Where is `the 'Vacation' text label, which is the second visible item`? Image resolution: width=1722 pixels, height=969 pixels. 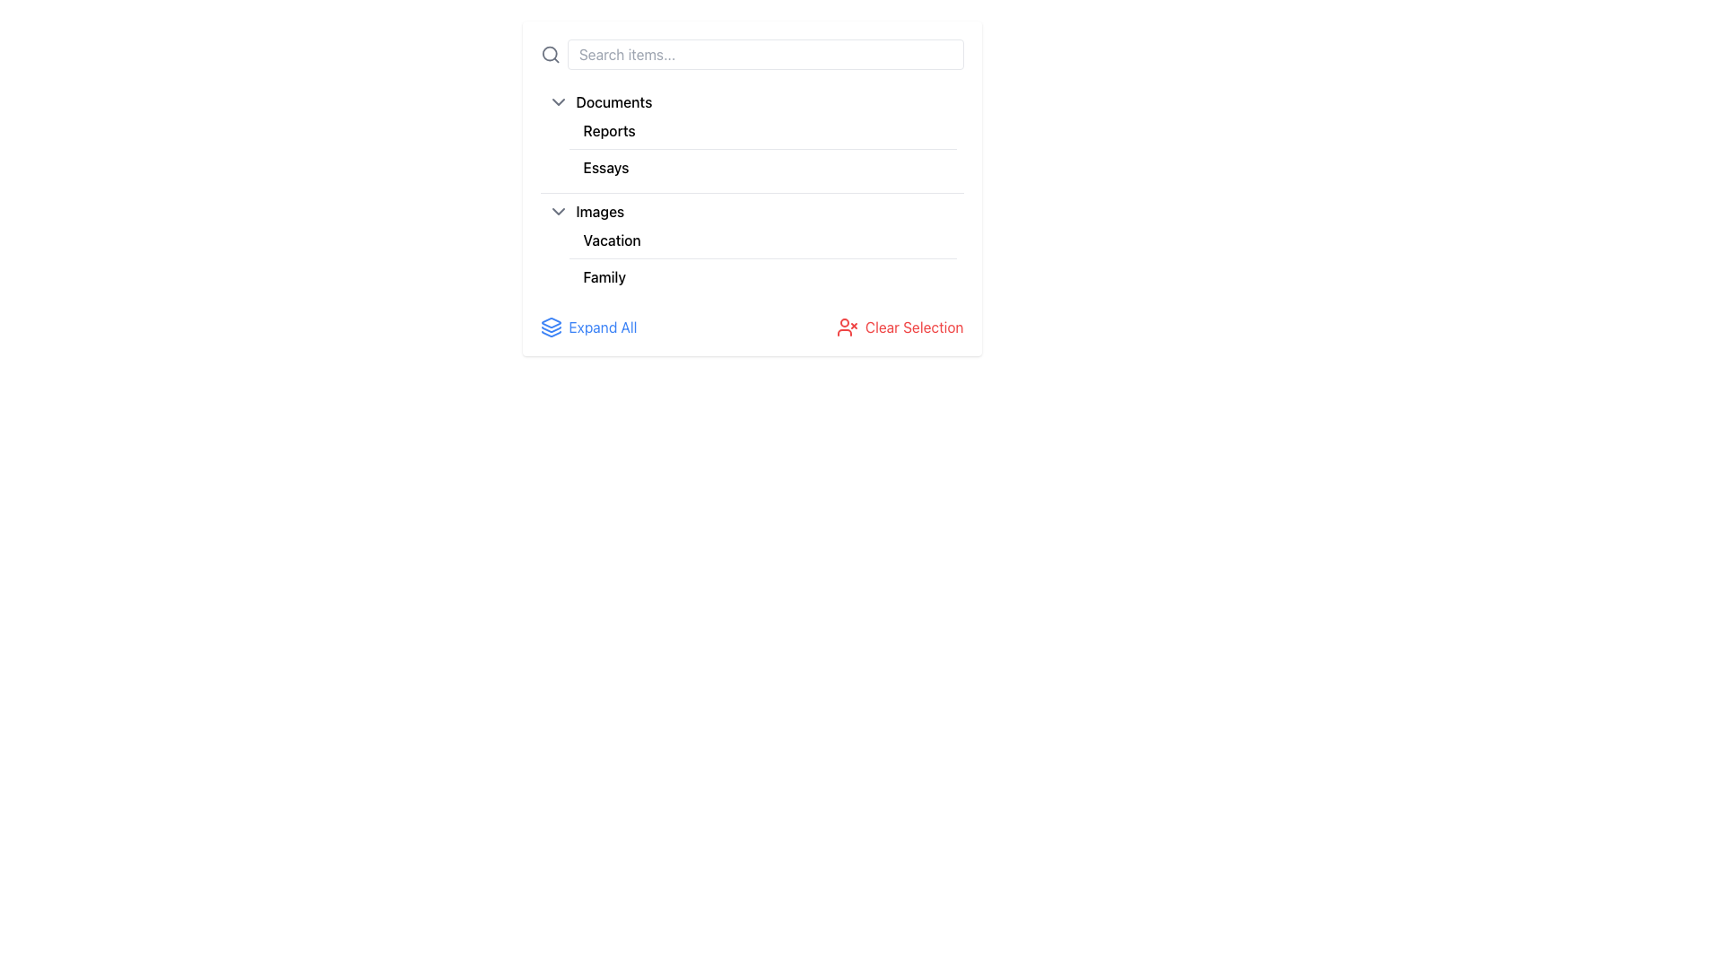
the 'Vacation' text label, which is the second visible item is located at coordinates (612, 239).